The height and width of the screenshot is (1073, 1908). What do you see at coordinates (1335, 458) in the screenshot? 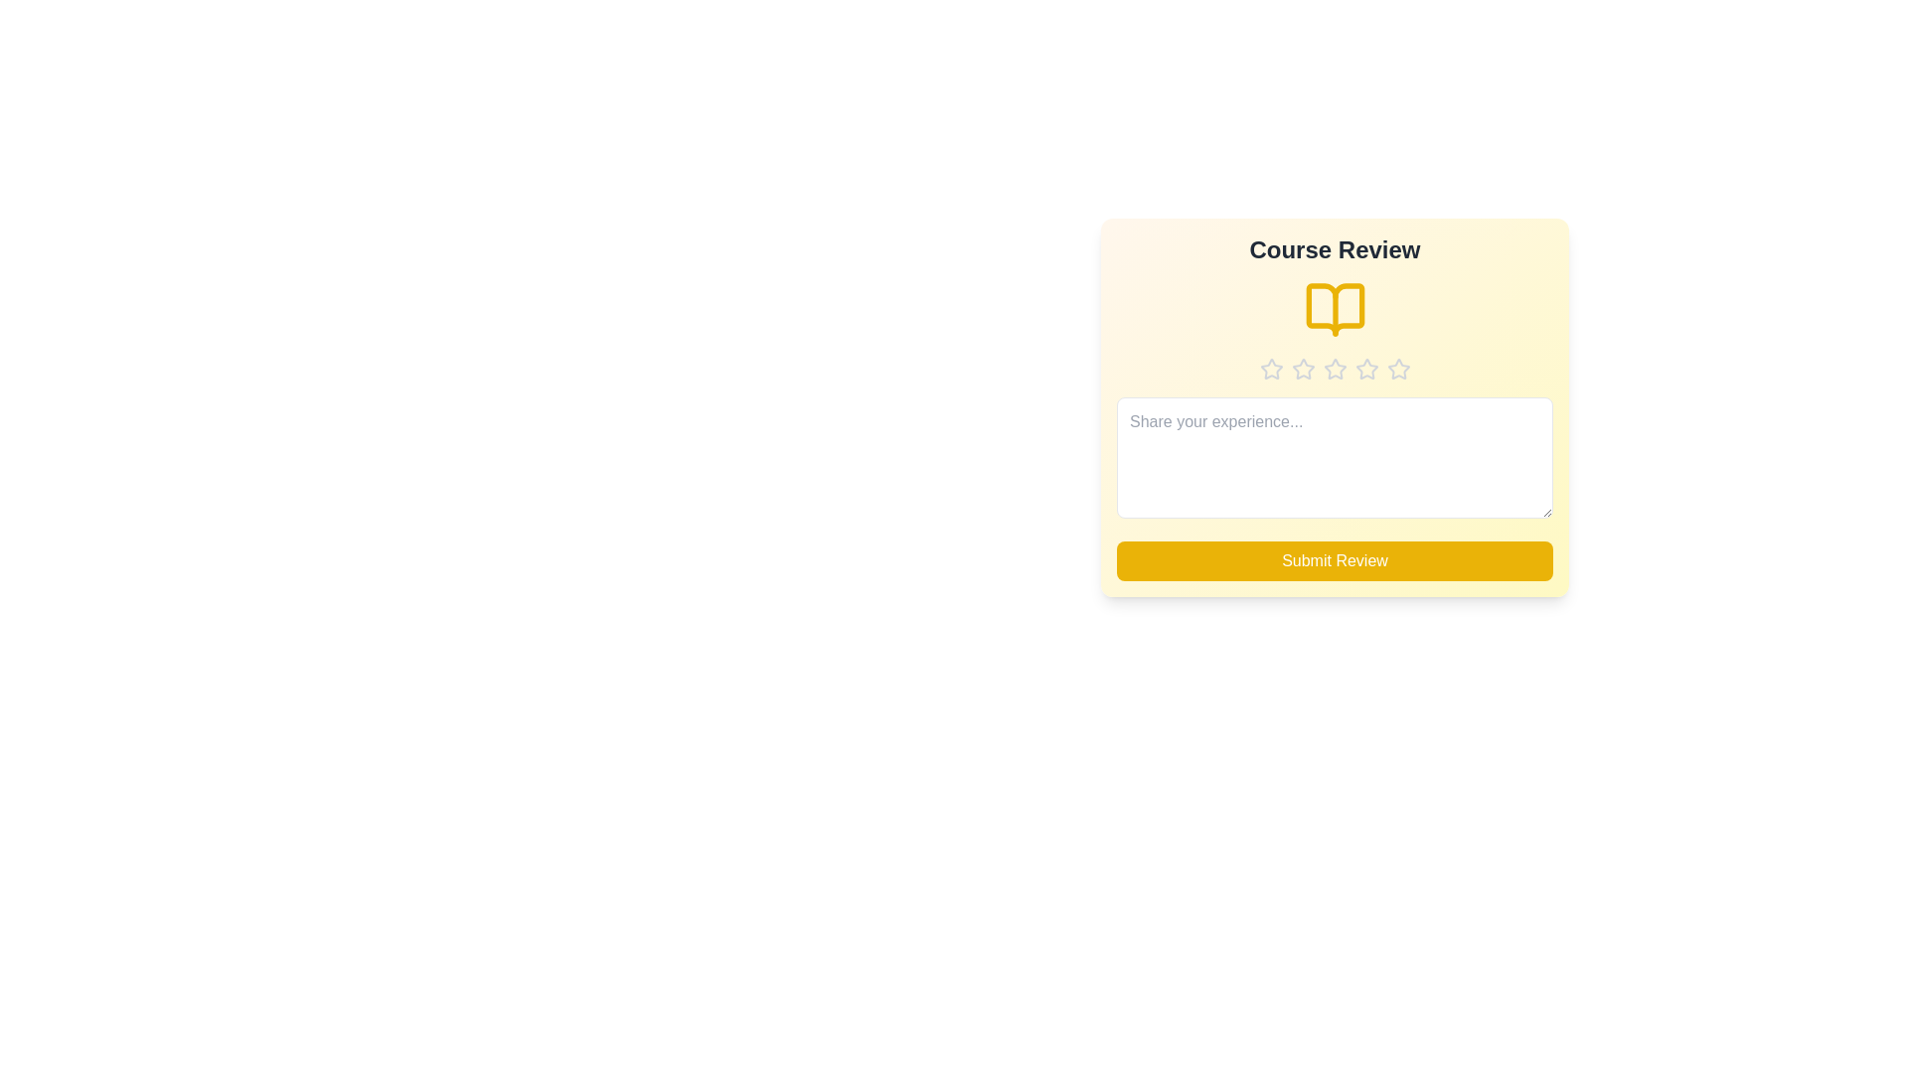
I see `the text area and type the comment 'This is a sample review comment.'` at bounding box center [1335, 458].